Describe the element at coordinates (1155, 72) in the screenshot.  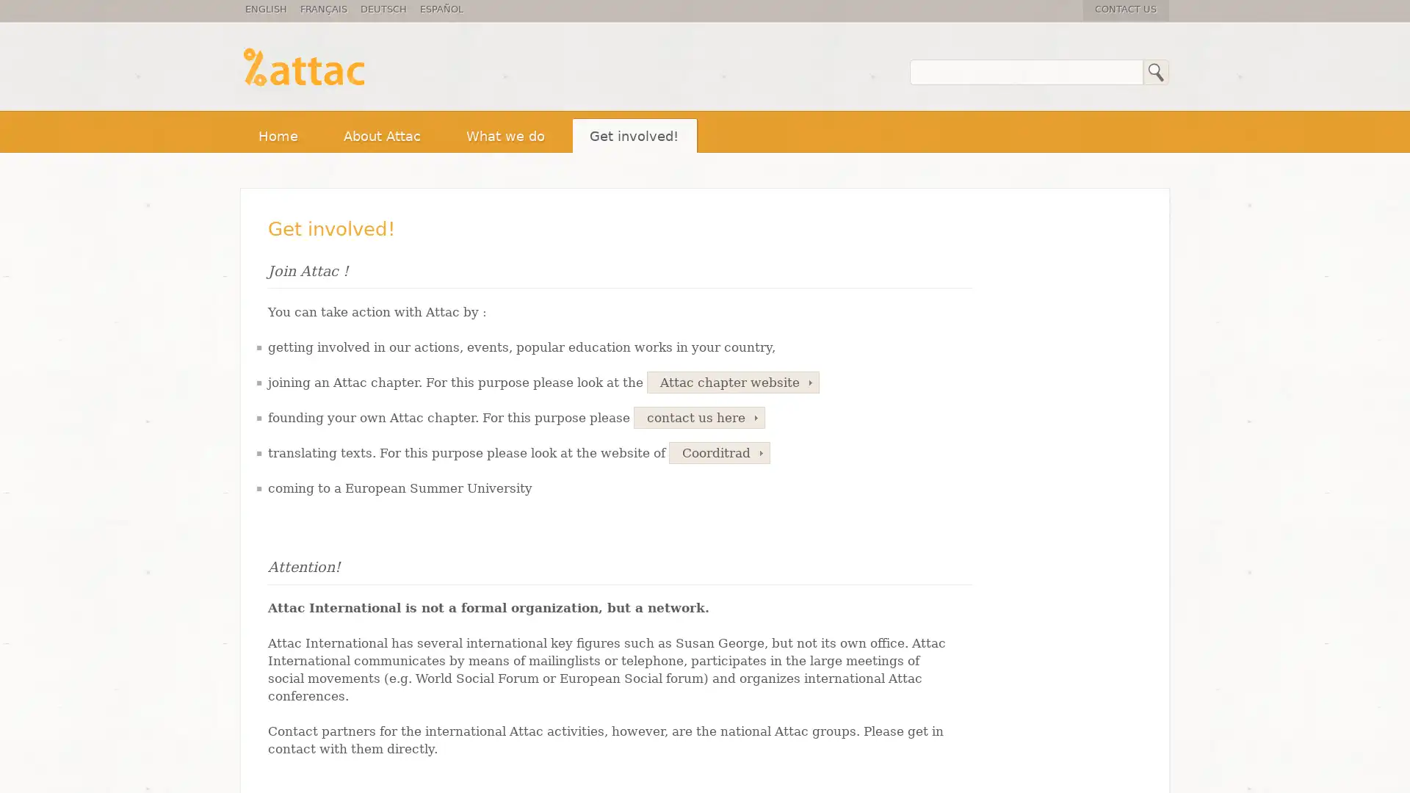
I see `Search` at that location.